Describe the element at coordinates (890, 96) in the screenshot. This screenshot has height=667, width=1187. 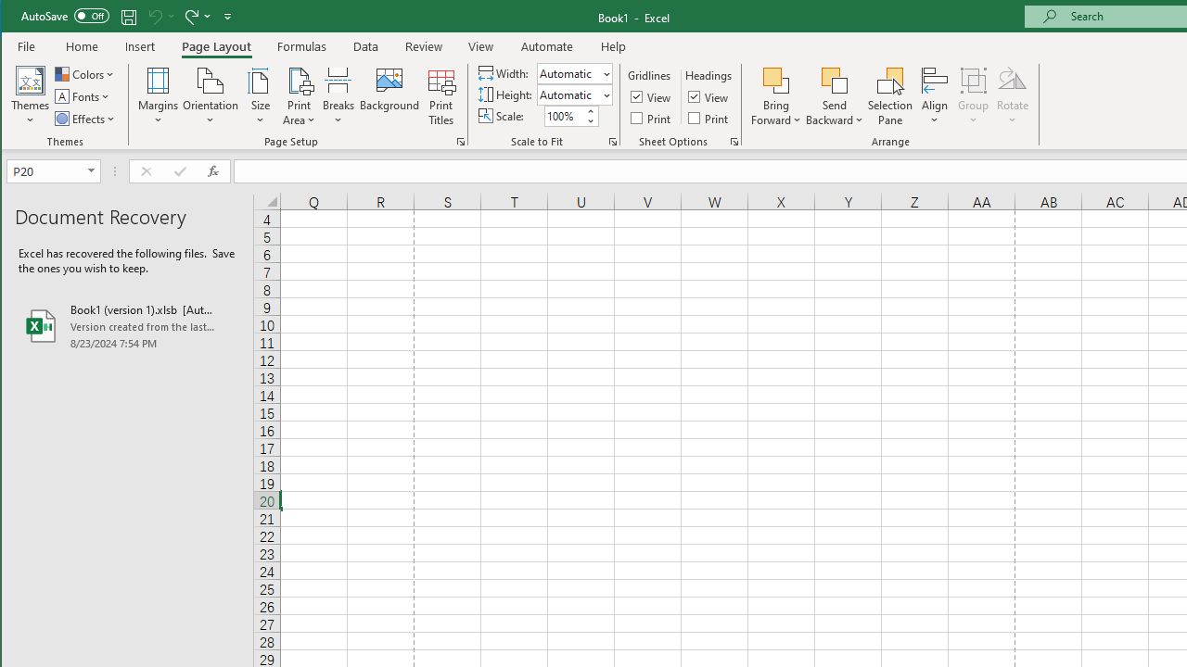
I see `'Selection Pane...'` at that location.